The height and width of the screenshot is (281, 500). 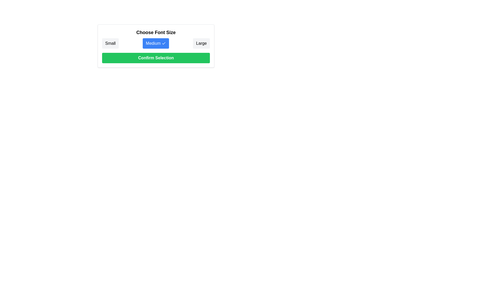 What do you see at coordinates (156, 58) in the screenshot?
I see `the button that confirms the selection of a font size located at the bottom of the 'Choose Font Size' section` at bounding box center [156, 58].